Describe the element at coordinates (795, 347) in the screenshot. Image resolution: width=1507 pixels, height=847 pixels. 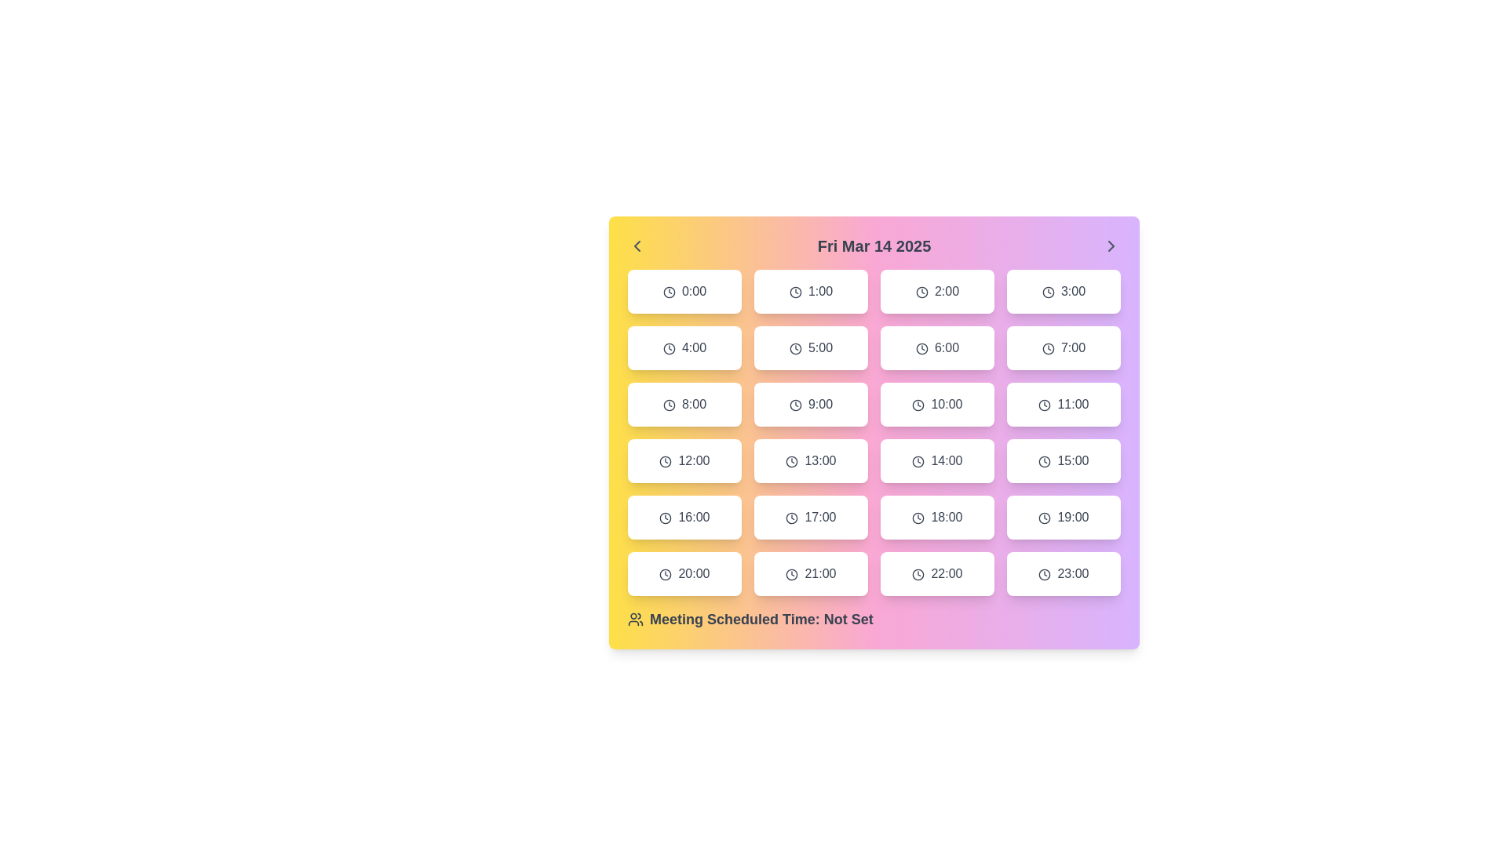
I see `the clock icon located within the card labeled '5:00', positioned to the left of the text content, featuring a circular outline and distinguishable hands` at that location.